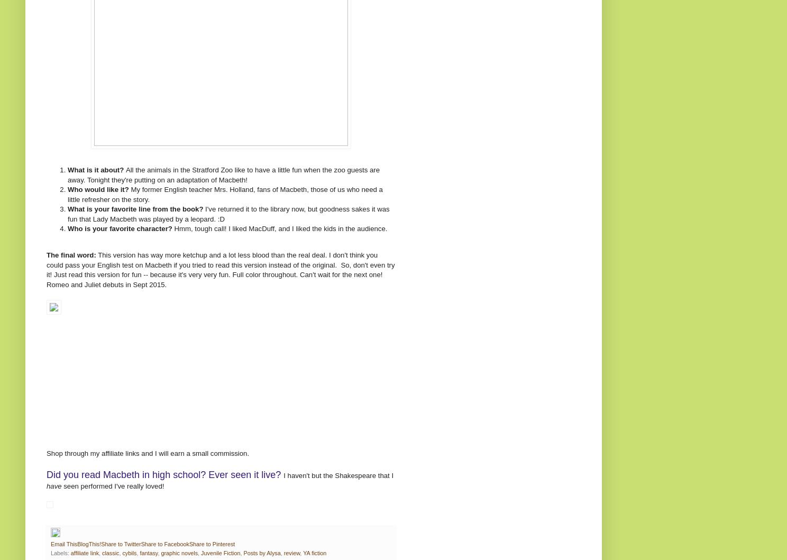 This screenshot has height=560, width=787. What do you see at coordinates (135, 208) in the screenshot?
I see `'What is your favorite line from the book?'` at bounding box center [135, 208].